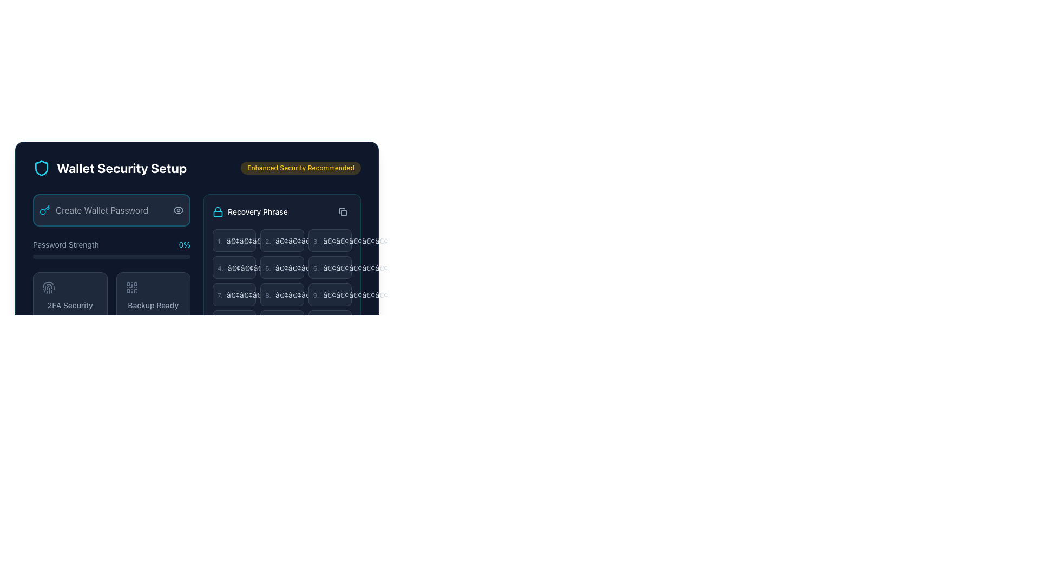 This screenshot has width=1039, height=584. What do you see at coordinates (41, 168) in the screenshot?
I see `the shield icon located at the top left corner of the interface, adjacent to the text 'Wallet Security Setup', which visually supports the theme of security` at bounding box center [41, 168].